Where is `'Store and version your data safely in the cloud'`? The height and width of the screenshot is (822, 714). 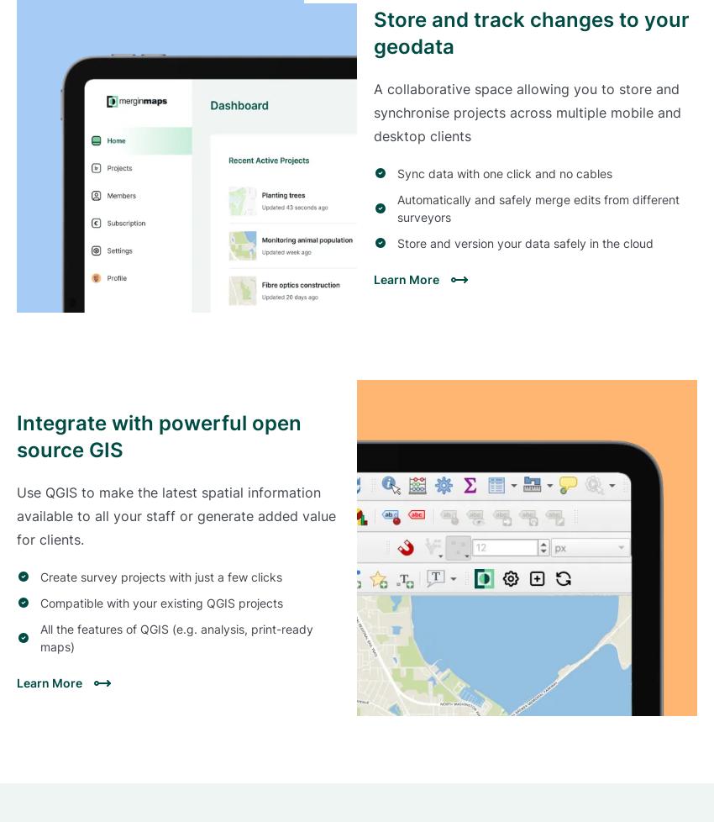
'Store and version your data safely in the cloud' is located at coordinates (524, 241).